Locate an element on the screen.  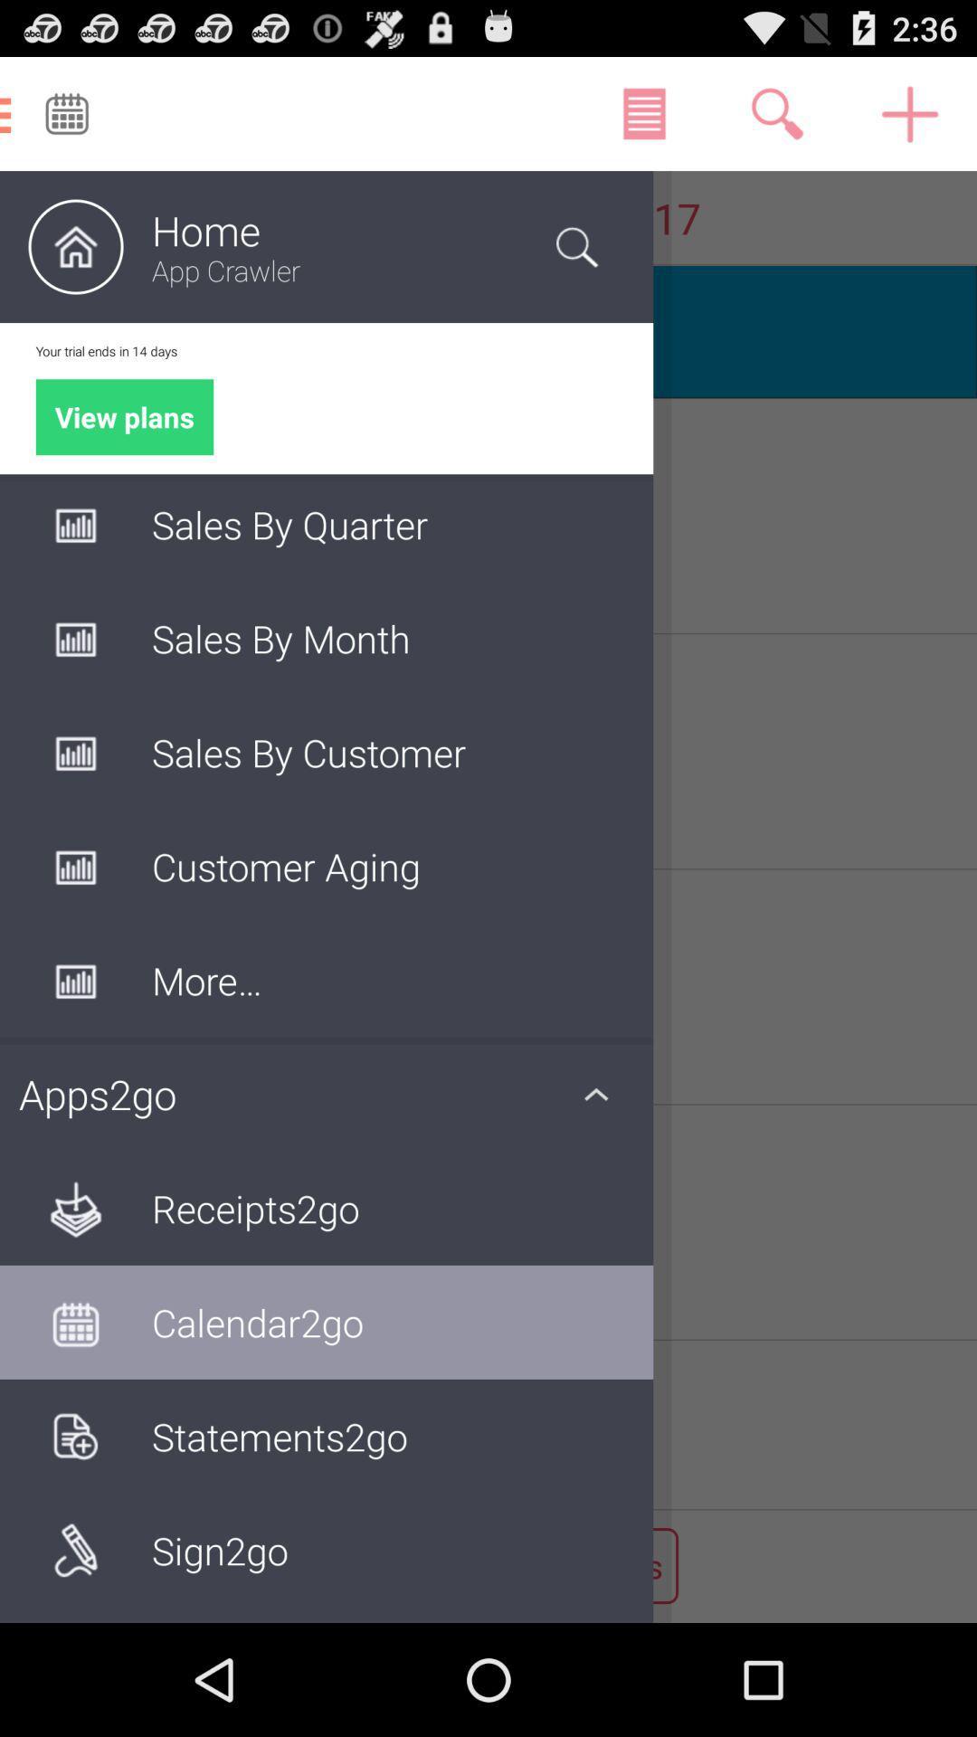
the search icon is located at coordinates (577, 263).